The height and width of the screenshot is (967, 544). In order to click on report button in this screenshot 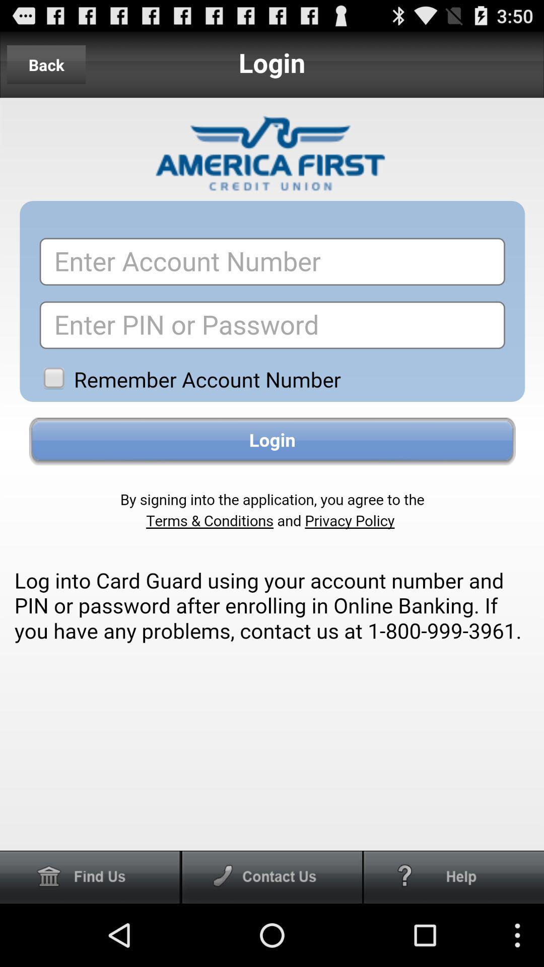, I will do `click(454, 876)`.